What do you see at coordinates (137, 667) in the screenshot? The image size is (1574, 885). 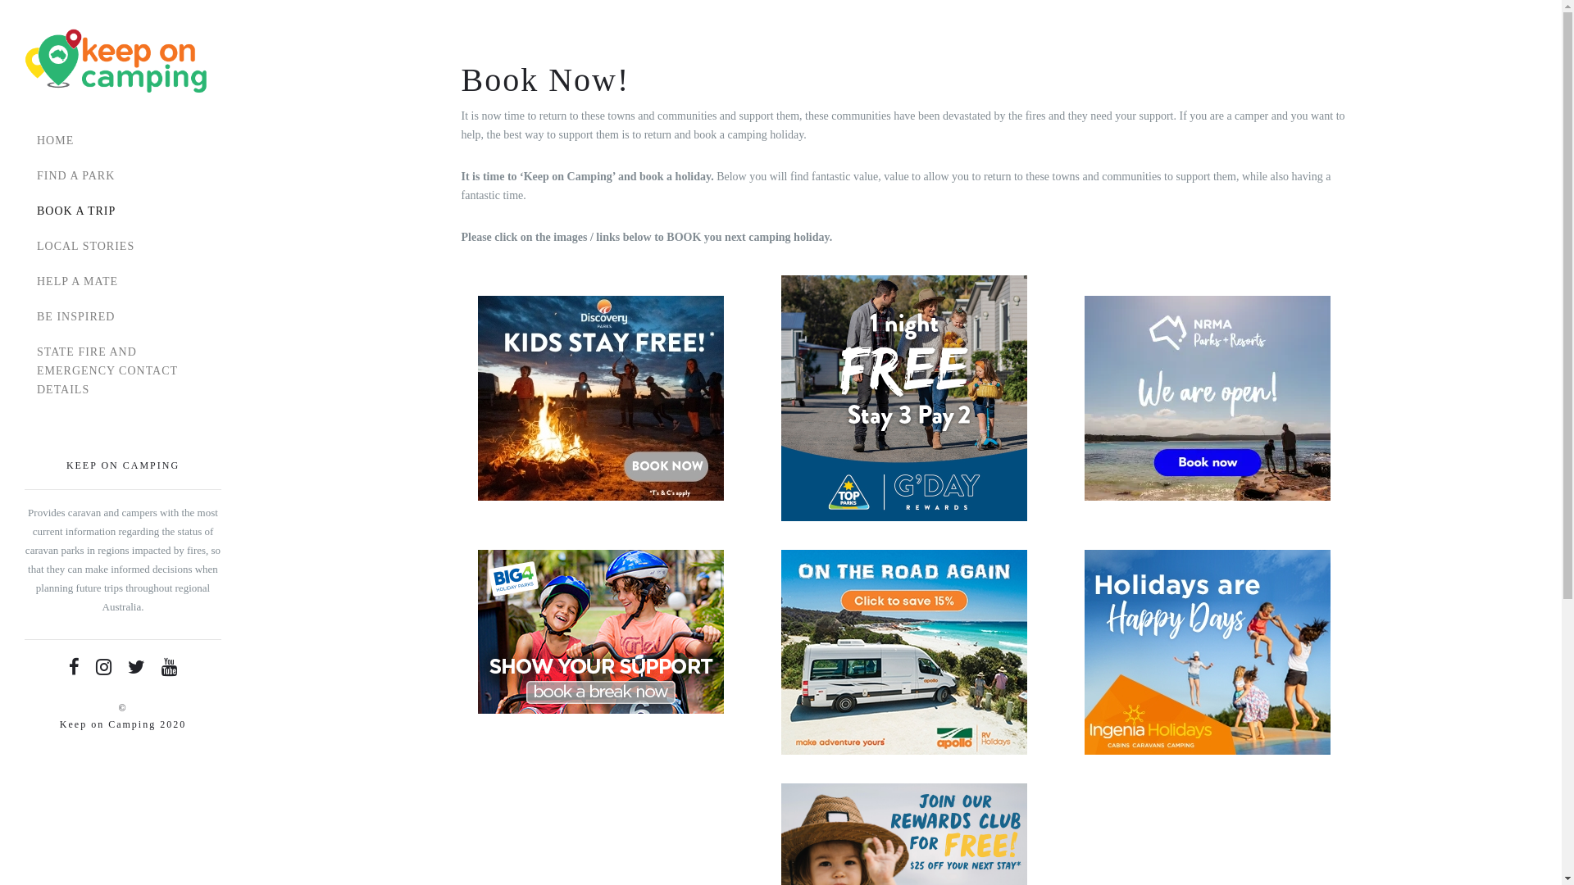 I see `'Twitter'` at bounding box center [137, 667].